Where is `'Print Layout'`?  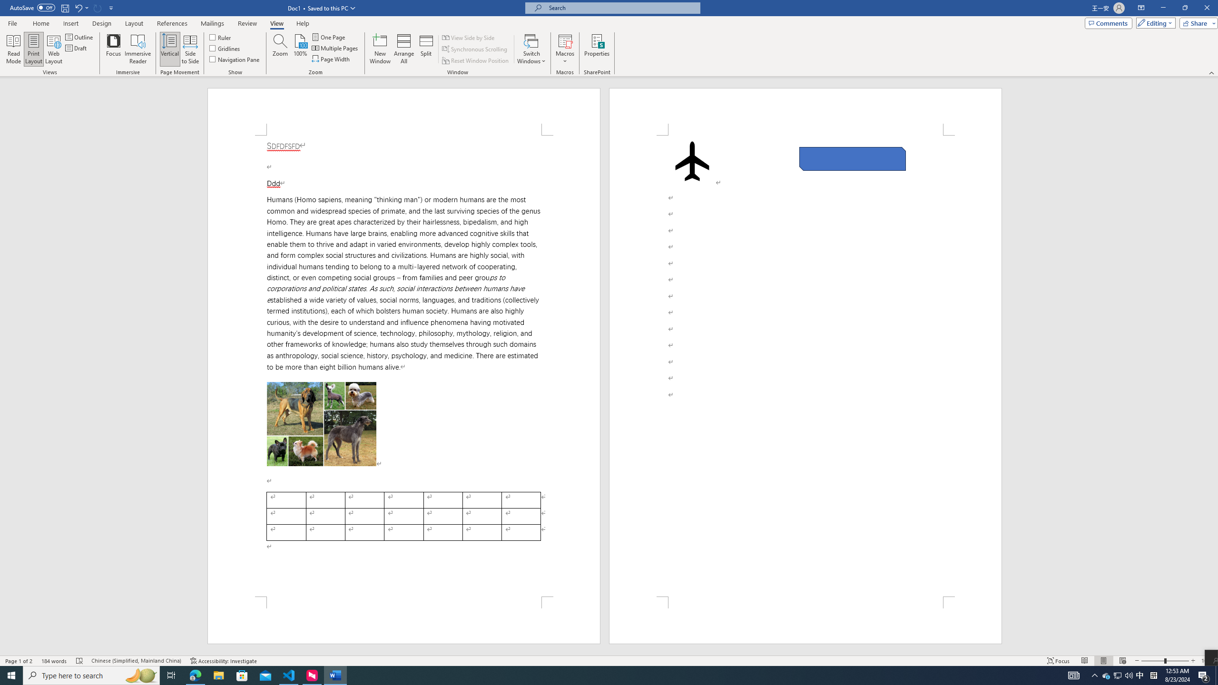
'Print Layout' is located at coordinates (33, 49).